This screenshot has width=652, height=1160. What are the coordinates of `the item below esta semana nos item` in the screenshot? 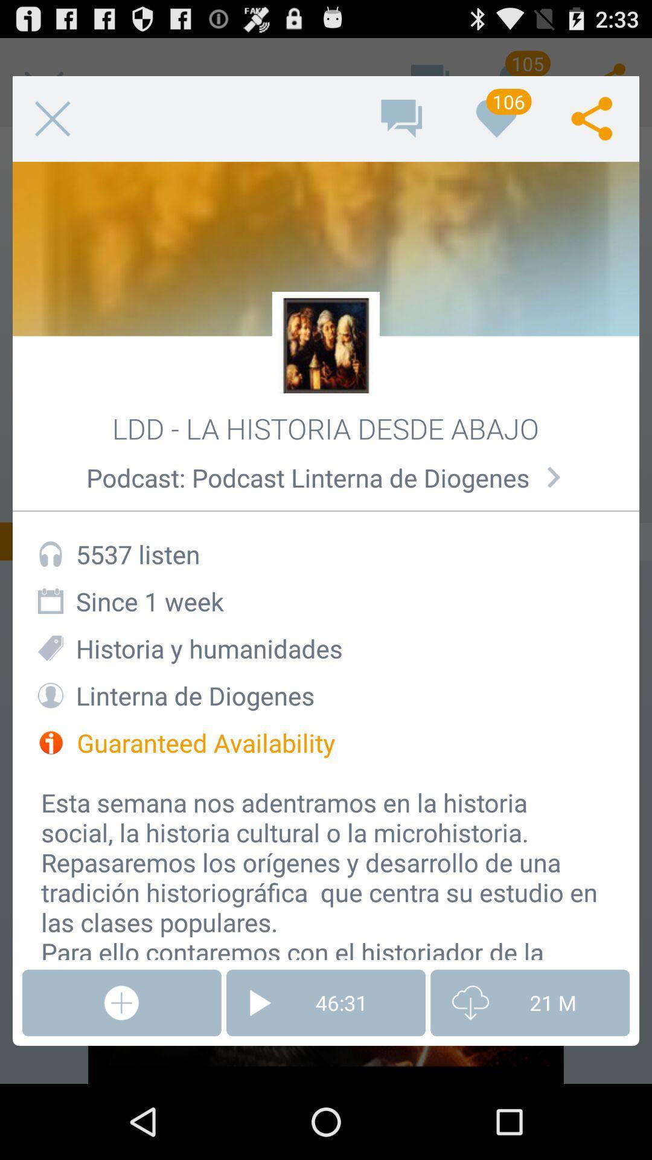 It's located at (326, 1003).